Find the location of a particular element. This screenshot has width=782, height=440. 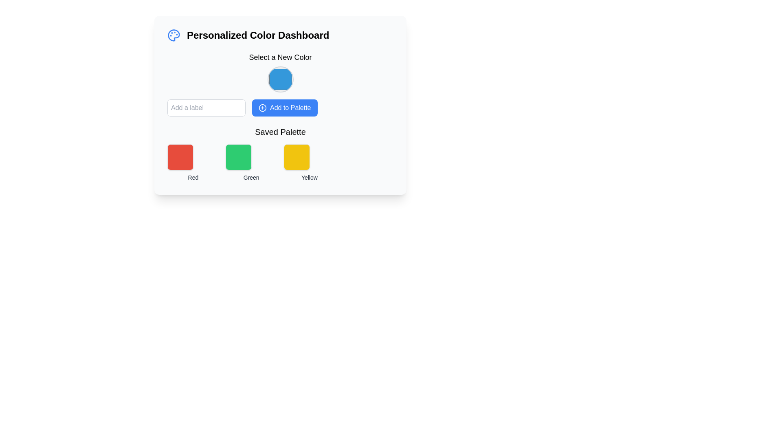

the 'Add to Palette' button, which has a blue background and white text, positioned to the right of the 'Add a label' input field is located at coordinates (280, 108).